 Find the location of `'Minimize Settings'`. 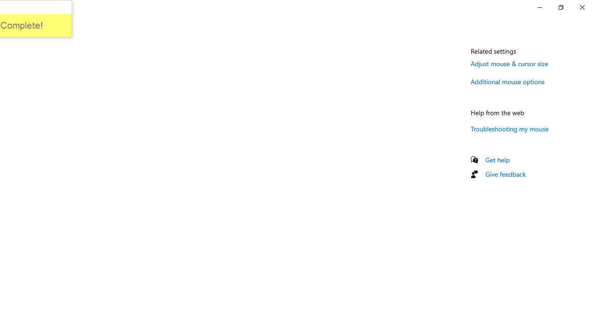

'Minimize Settings' is located at coordinates (539, 7).